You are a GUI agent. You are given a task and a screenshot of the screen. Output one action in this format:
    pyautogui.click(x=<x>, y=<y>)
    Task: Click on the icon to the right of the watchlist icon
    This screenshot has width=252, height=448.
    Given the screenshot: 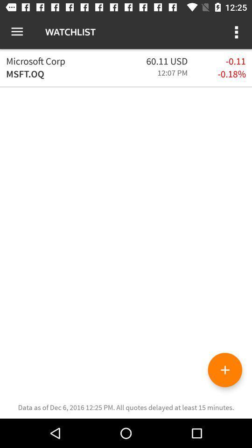 What is the action you would take?
    pyautogui.click(x=237, y=32)
    